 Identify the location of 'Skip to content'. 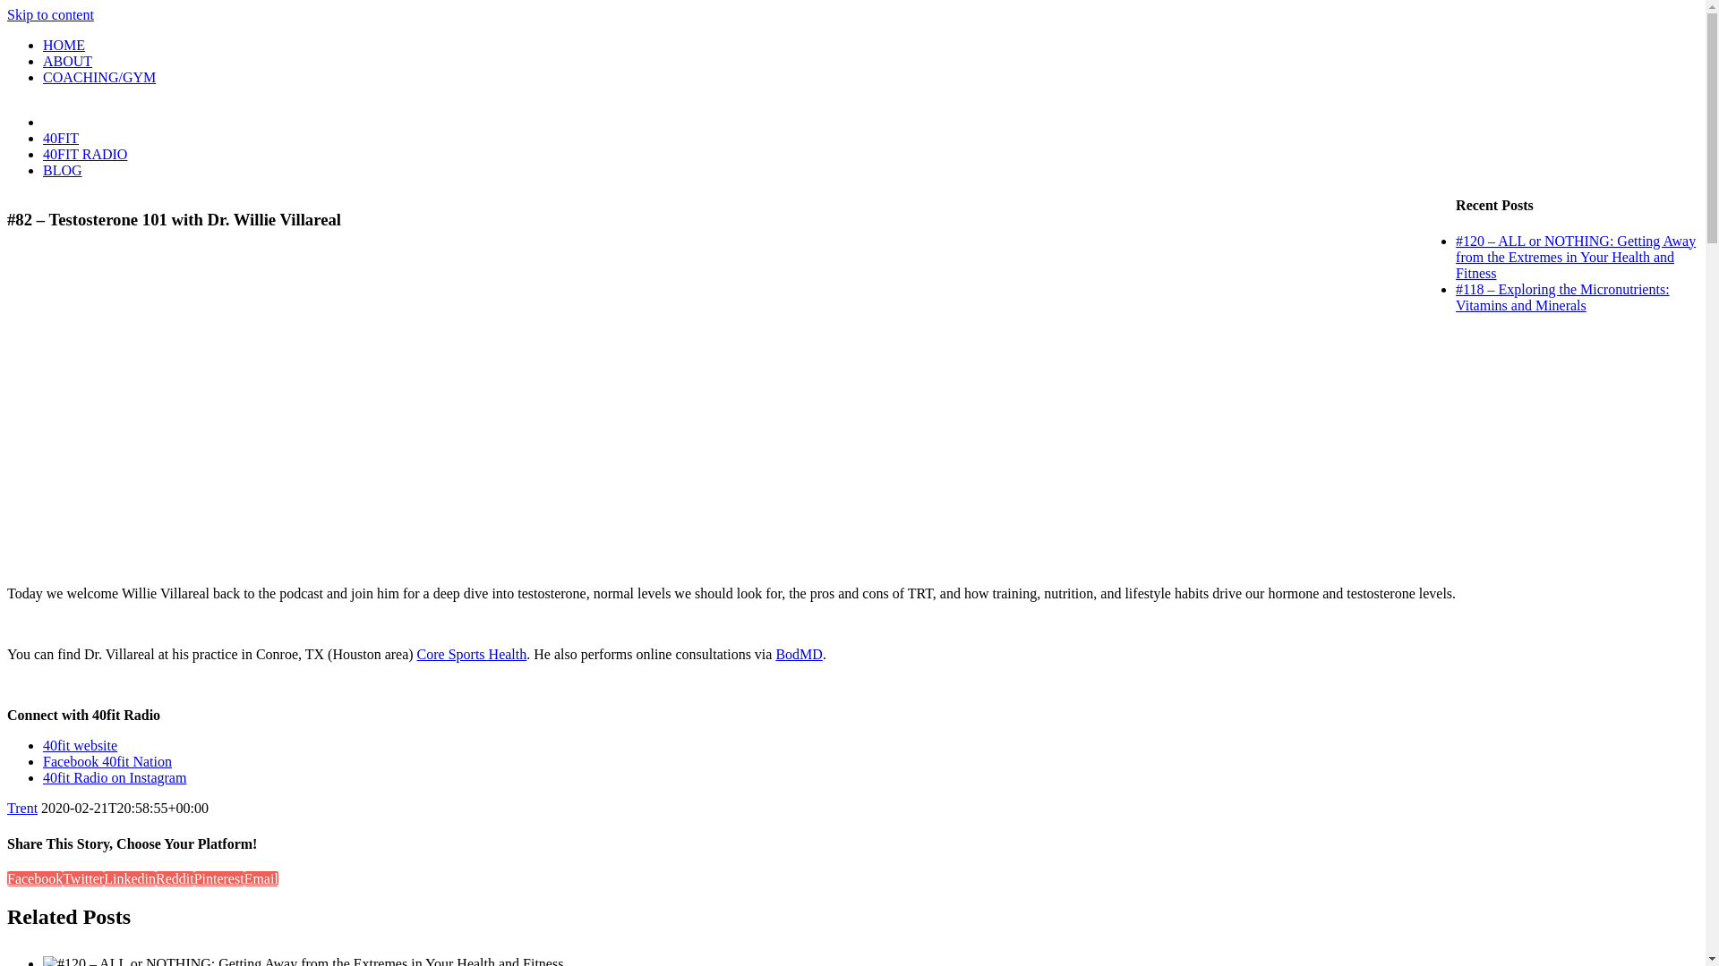
(50, 14).